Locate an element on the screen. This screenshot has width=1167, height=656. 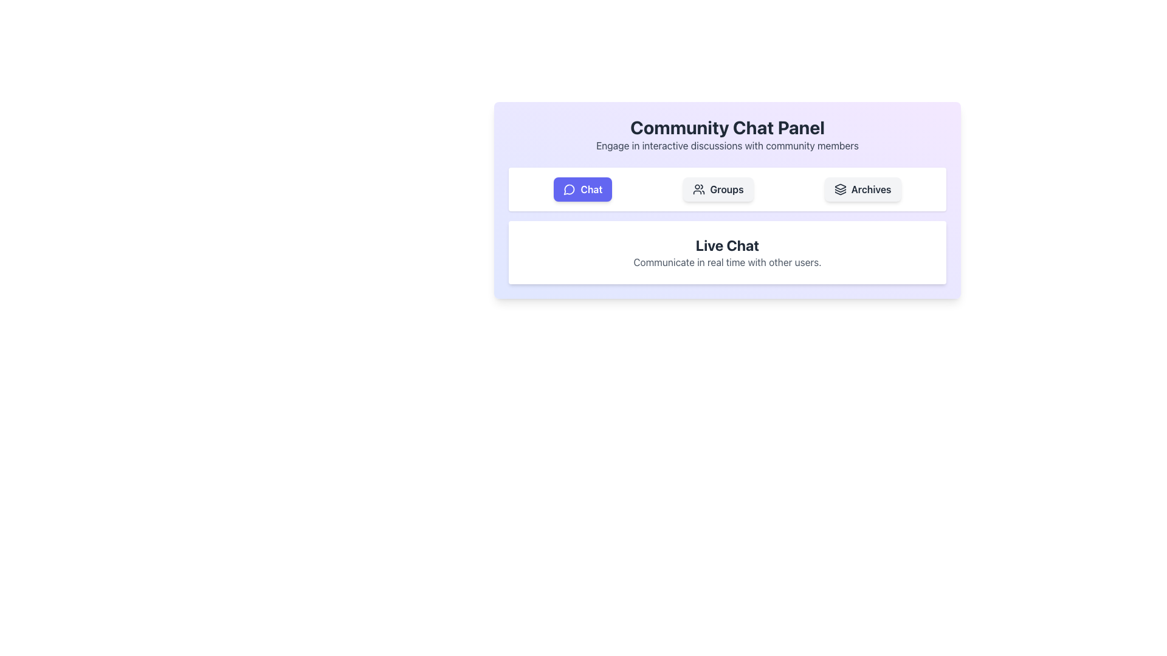
the middle layer of the three-layer stack icon in the top-right corner of the interface is located at coordinates (839, 191).